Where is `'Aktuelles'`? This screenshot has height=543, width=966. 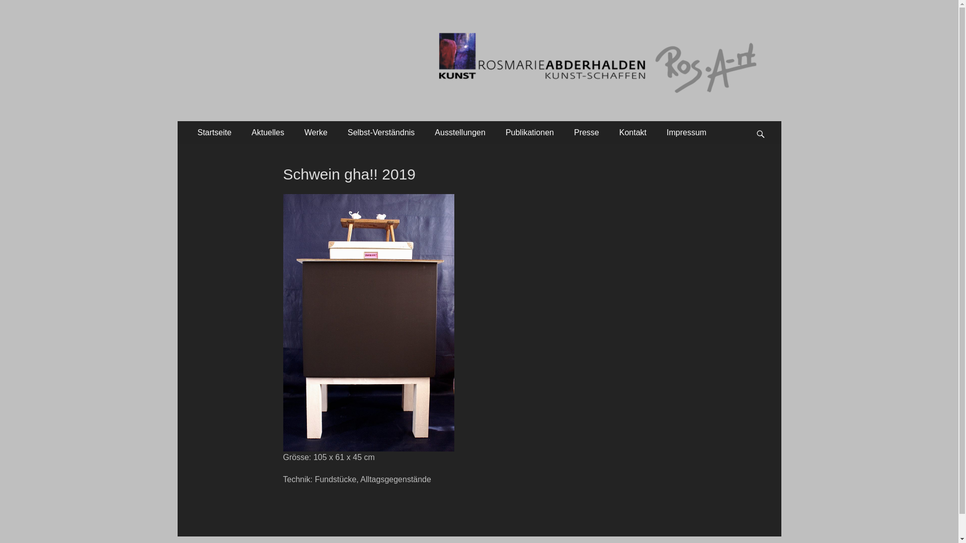
'Aktuelles' is located at coordinates (268, 132).